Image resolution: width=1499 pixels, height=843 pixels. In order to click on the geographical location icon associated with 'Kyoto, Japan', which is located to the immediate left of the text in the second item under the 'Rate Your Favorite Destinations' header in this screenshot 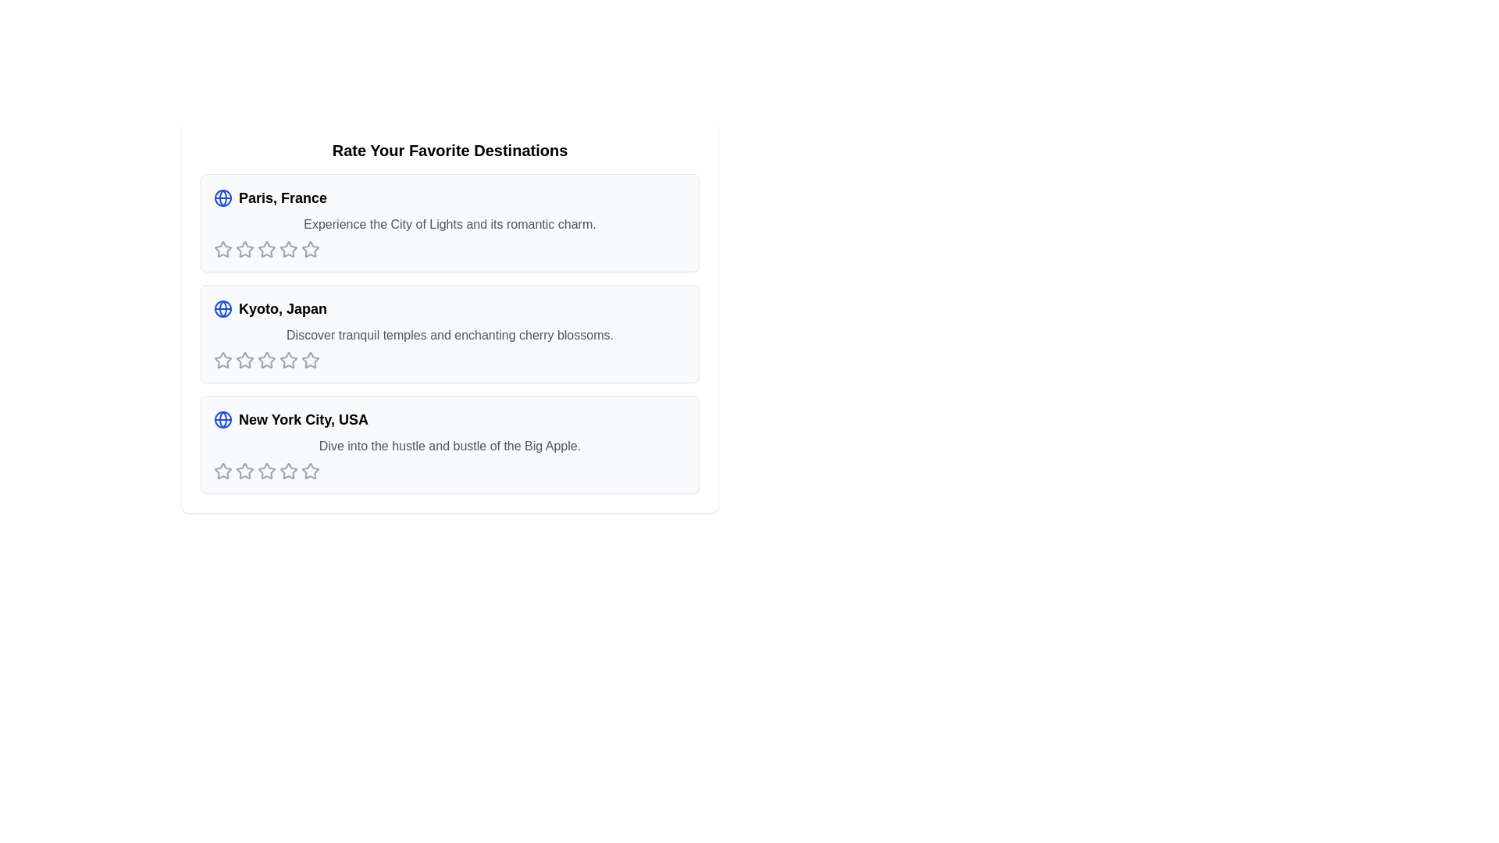, I will do `click(223, 309)`.